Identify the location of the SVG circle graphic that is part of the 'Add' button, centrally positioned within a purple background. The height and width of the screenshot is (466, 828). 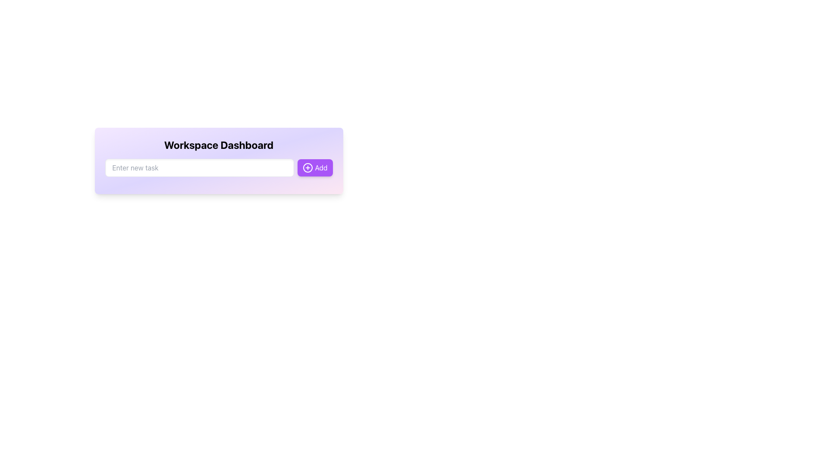
(308, 168).